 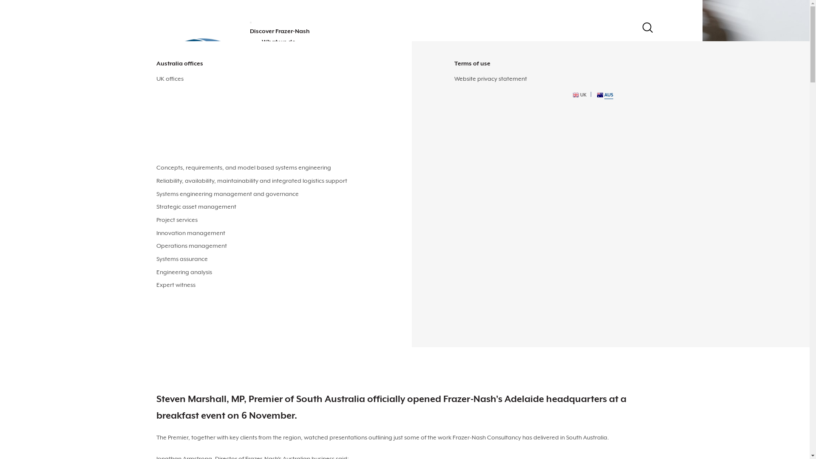 What do you see at coordinates (191, 246) in the screenshot?
I see `'Operations management'` at bounding box center [191, 246].